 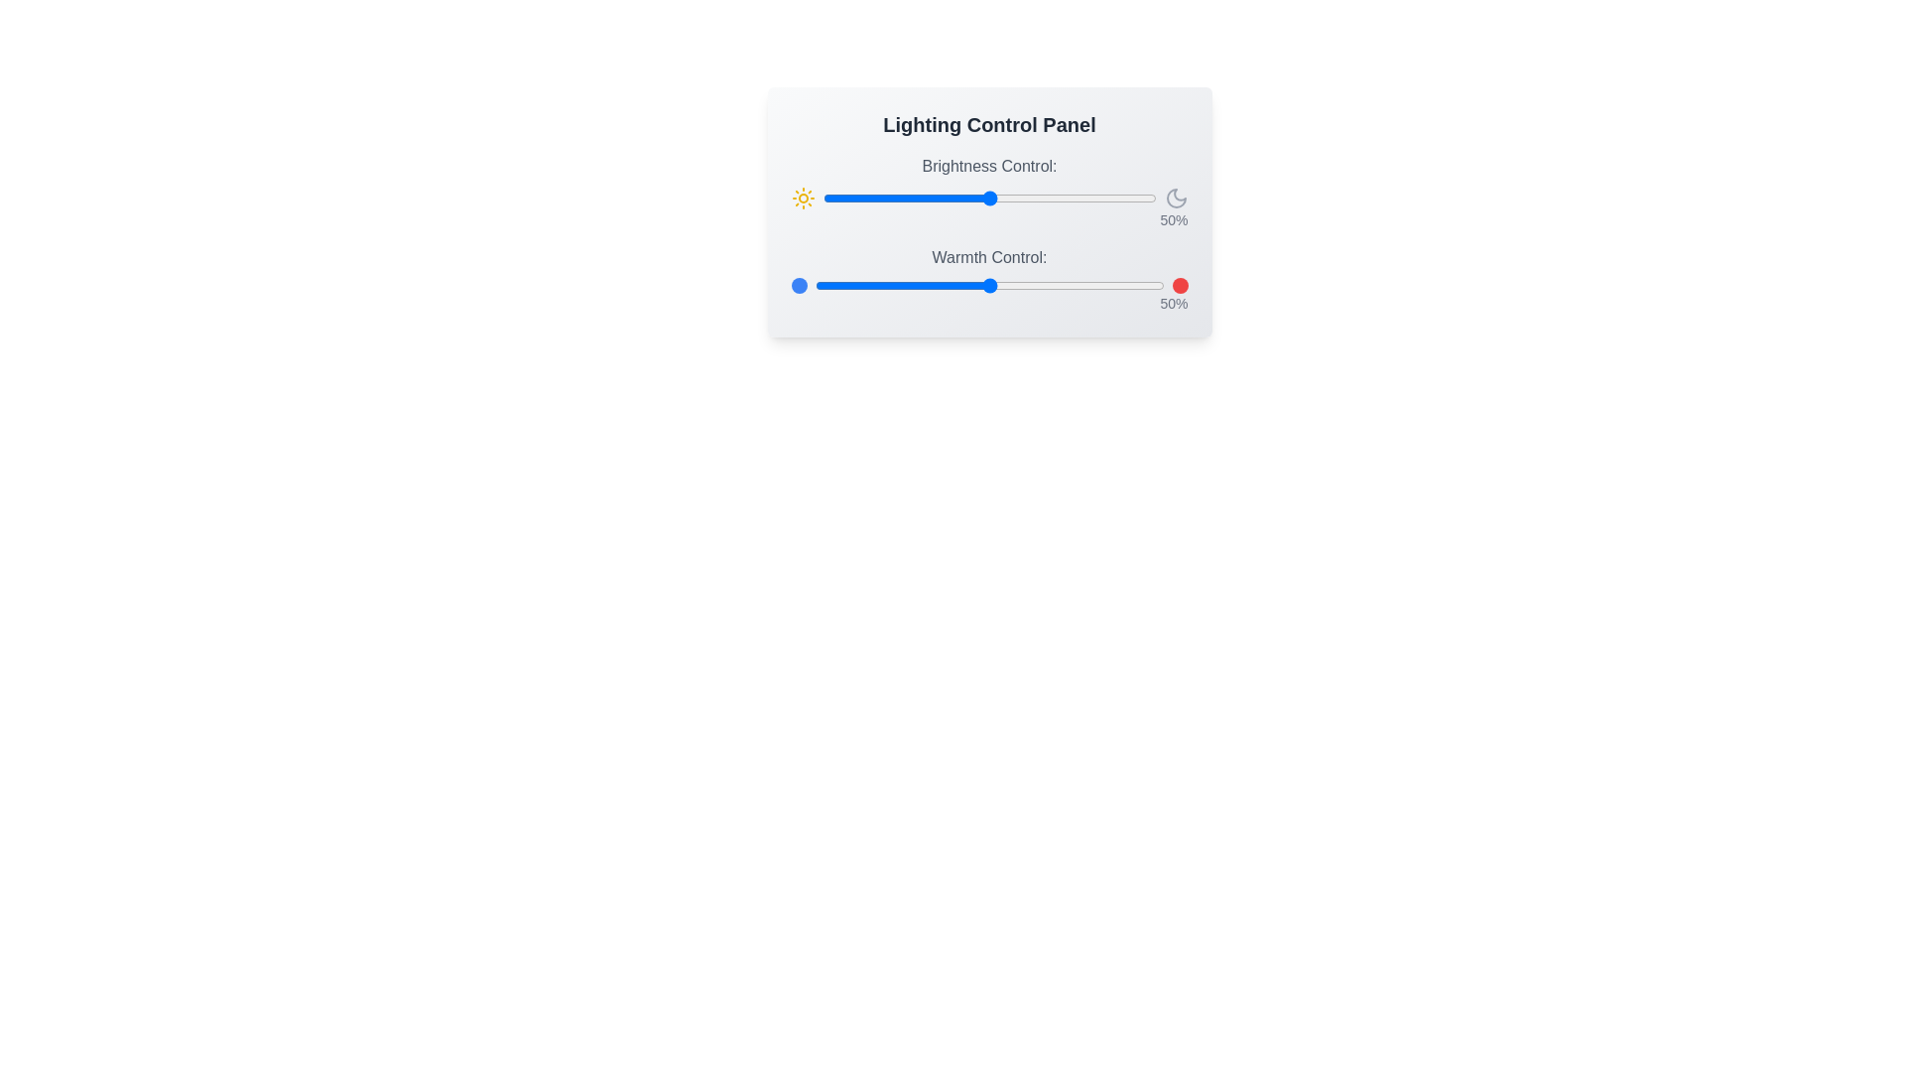 What do you see at coordinates (952, 199) in the screenshot?
I see `brightness` at bounding box center [952, 199].